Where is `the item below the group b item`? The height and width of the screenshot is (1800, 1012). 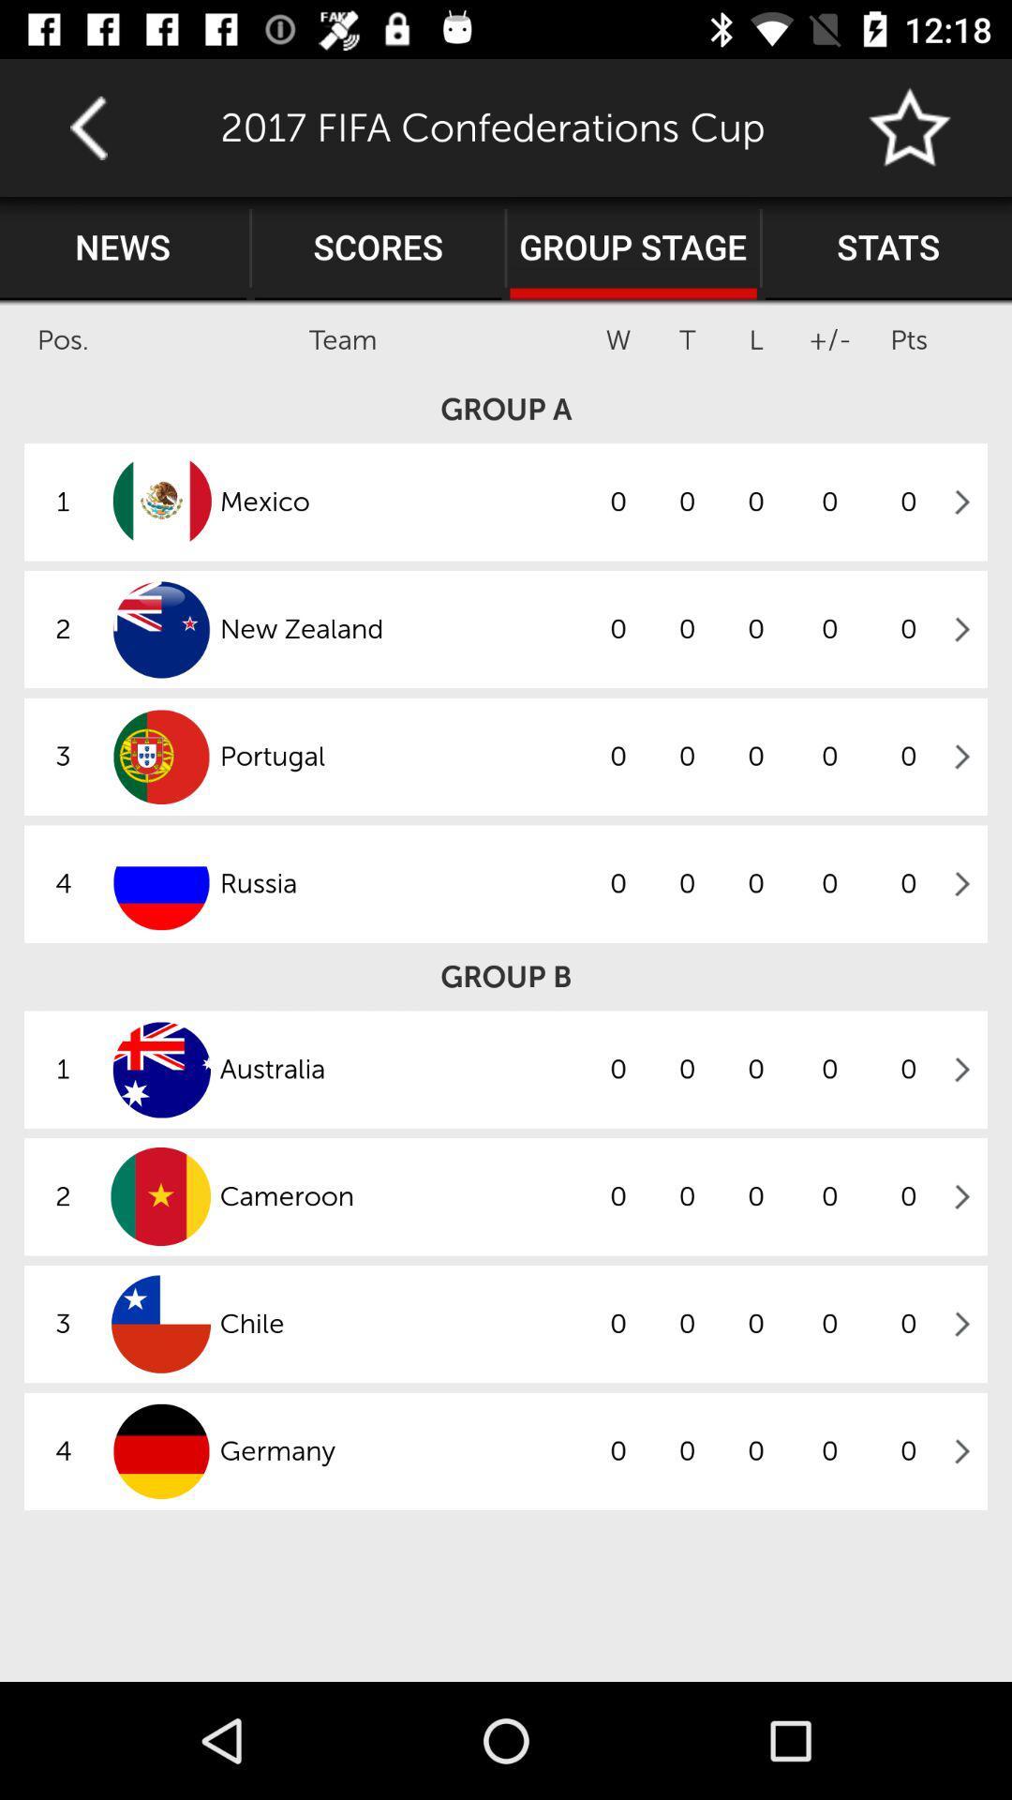 the item below the group b item is located at coordinates (400, 1070).